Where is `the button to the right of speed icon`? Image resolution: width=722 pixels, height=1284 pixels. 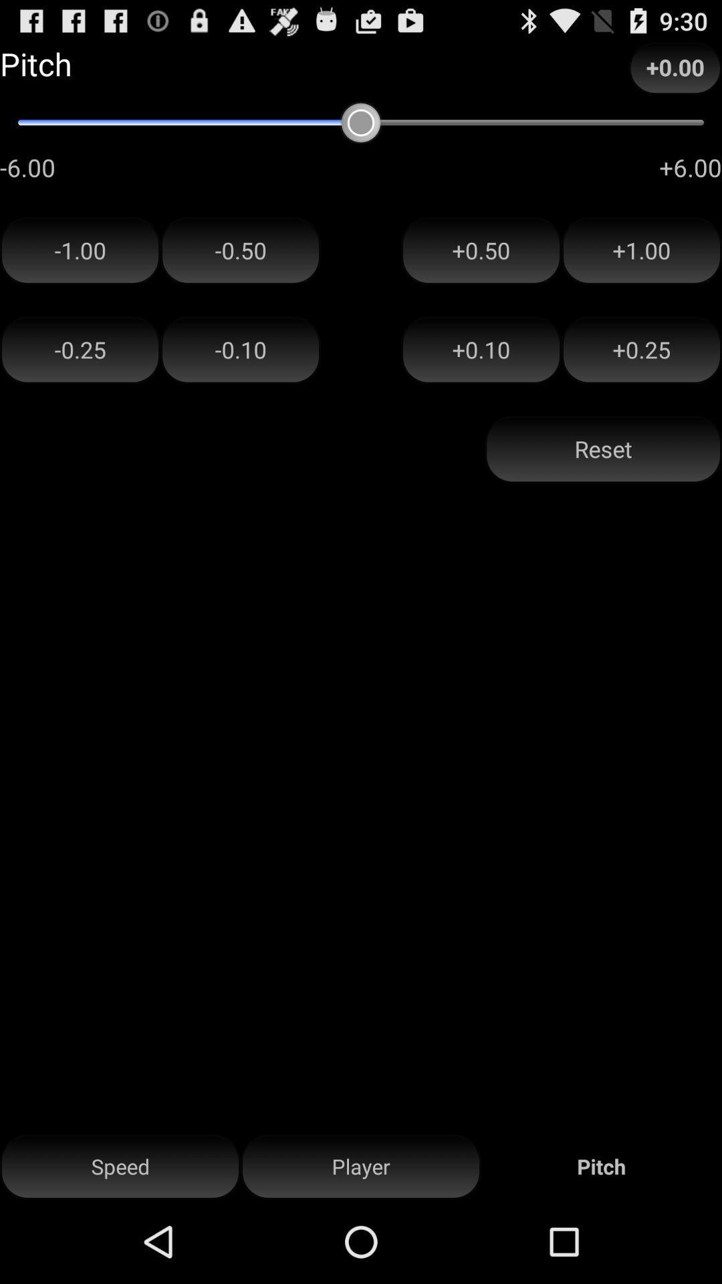
the button to the right of speed icon is located at coordinates (361, 1166).